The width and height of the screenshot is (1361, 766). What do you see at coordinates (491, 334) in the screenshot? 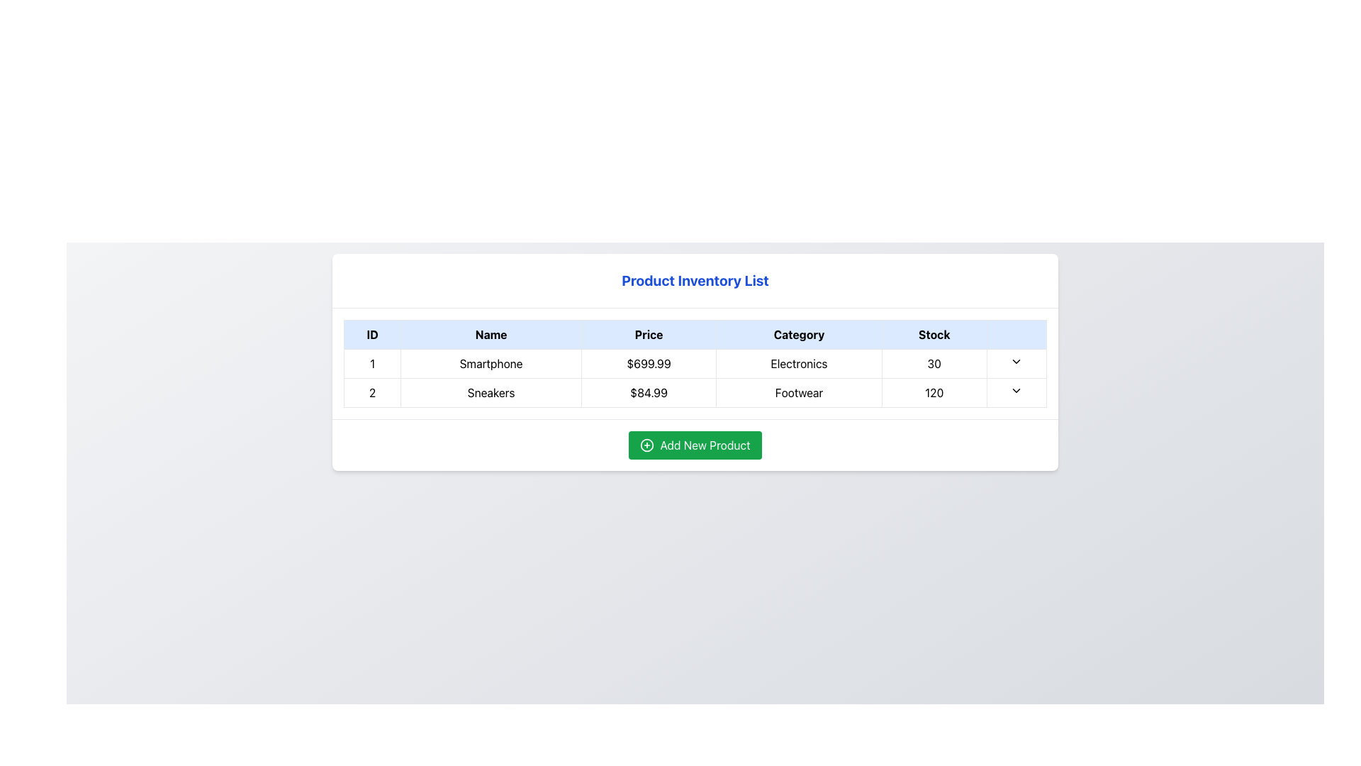
I see `the header text label for the 'Item Name' column in the inventory table` at bounding box center [491, 334].